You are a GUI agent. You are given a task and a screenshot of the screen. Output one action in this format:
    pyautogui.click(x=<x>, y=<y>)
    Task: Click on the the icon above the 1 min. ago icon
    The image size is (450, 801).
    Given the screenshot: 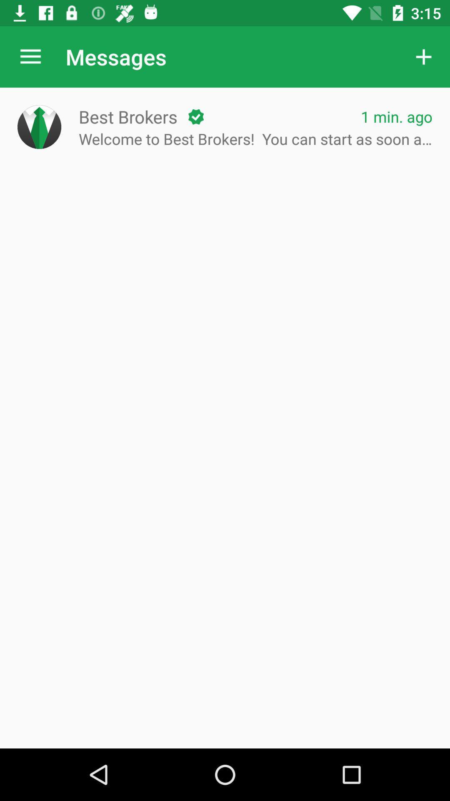 What is the action you would take?
    pyautogui.click(x=424, y=56)
    